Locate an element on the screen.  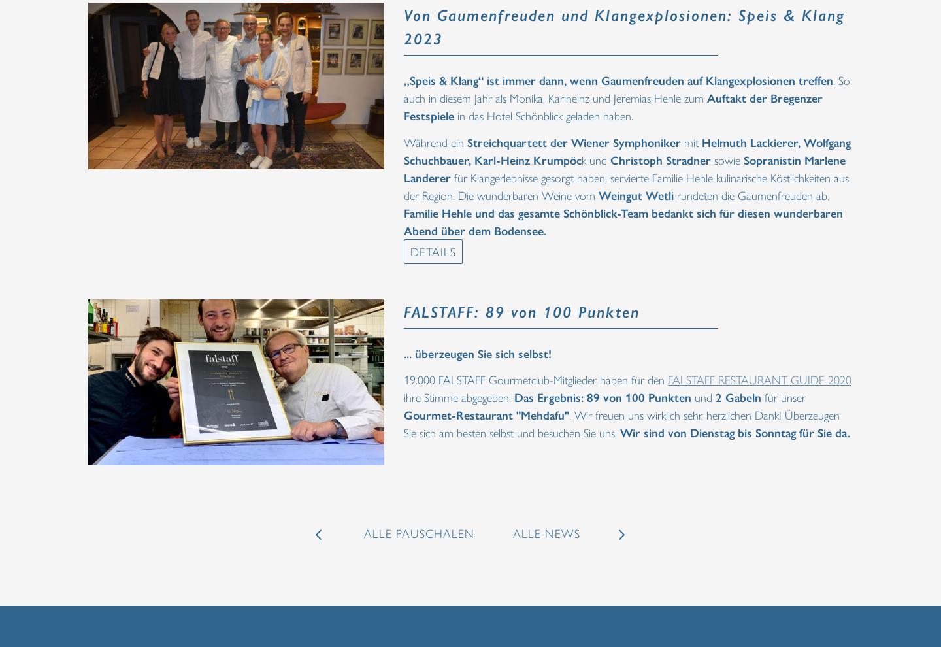
'Helmuth Lackierer, Wolfgang Schuchbauer, Karl-Heinz Krumpöc' is located at coordinates (627, 149).